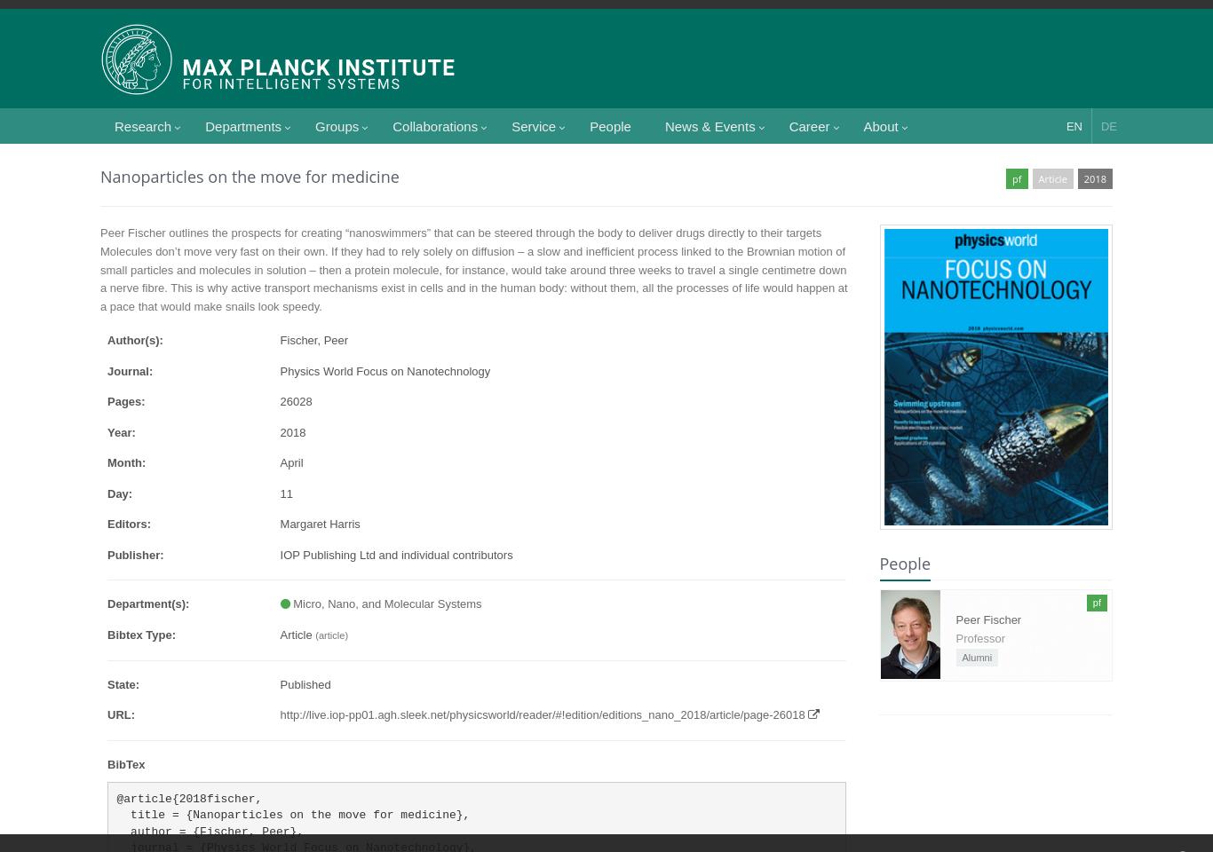  I want to click on 'Professor', so click(979, 638).